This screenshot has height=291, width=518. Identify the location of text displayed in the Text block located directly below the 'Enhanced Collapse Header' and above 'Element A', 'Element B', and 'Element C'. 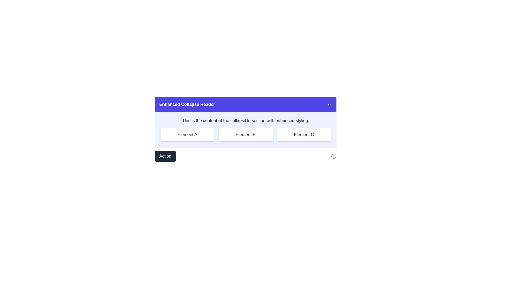
(245, 120).